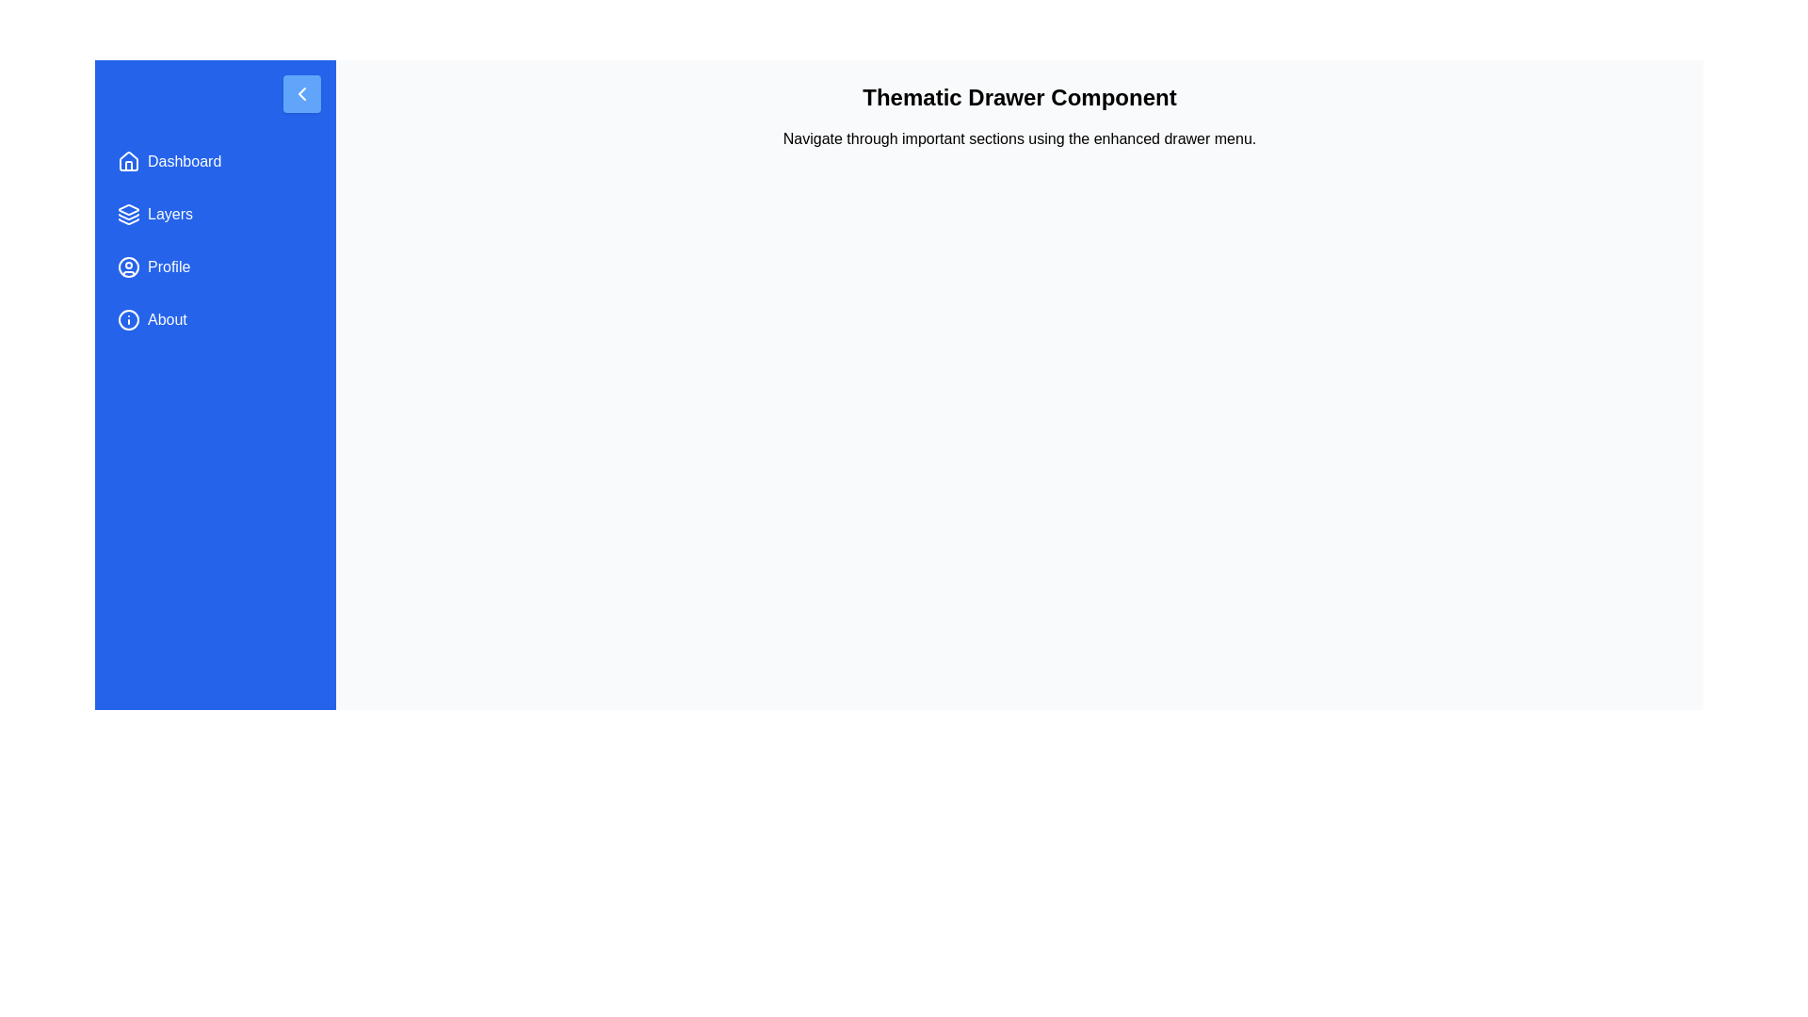 The height and width of the screenshot is (1017, 1808). I want to click on the menu item About to reveal its highlight, so click(216, 318).